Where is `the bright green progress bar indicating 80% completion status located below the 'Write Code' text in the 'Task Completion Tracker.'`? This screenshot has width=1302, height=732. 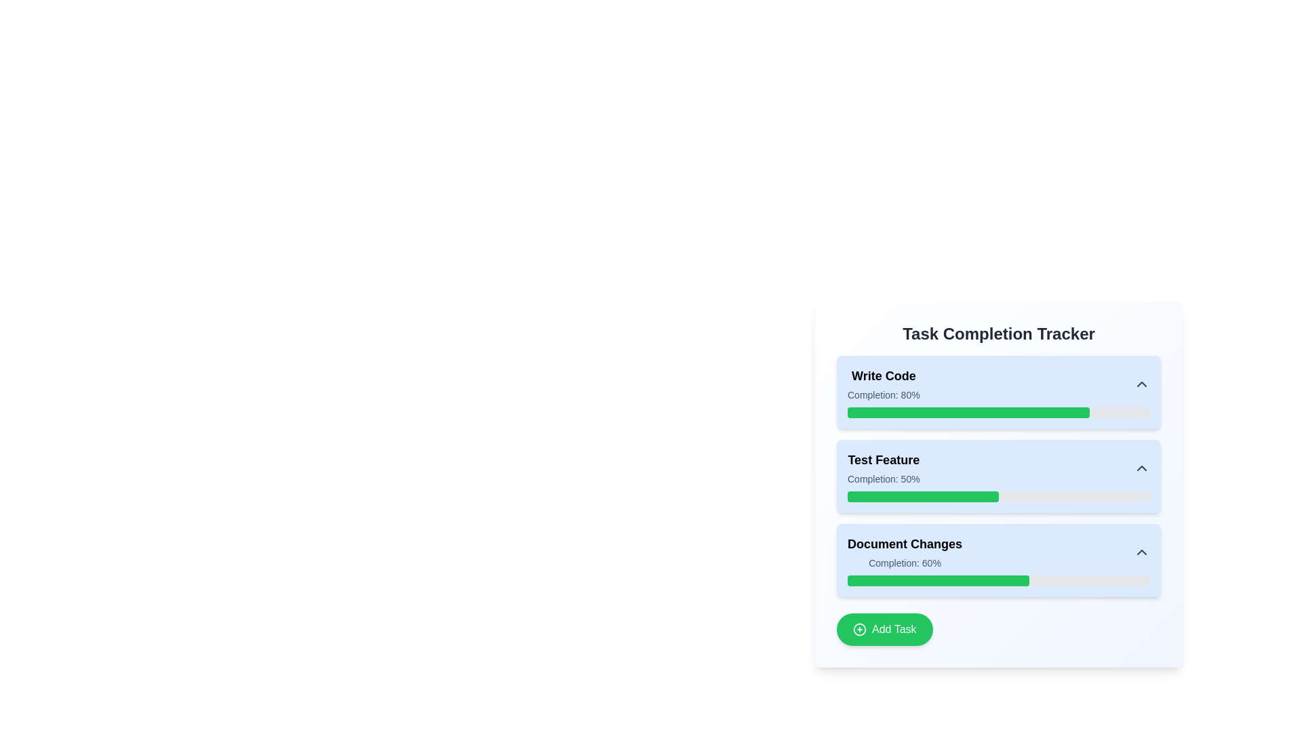
the bright green progress bar indicating 80% completion status located below the 'Write Code' text in the 'Task Completion Tracker.' is located at coordinates (968, 412).